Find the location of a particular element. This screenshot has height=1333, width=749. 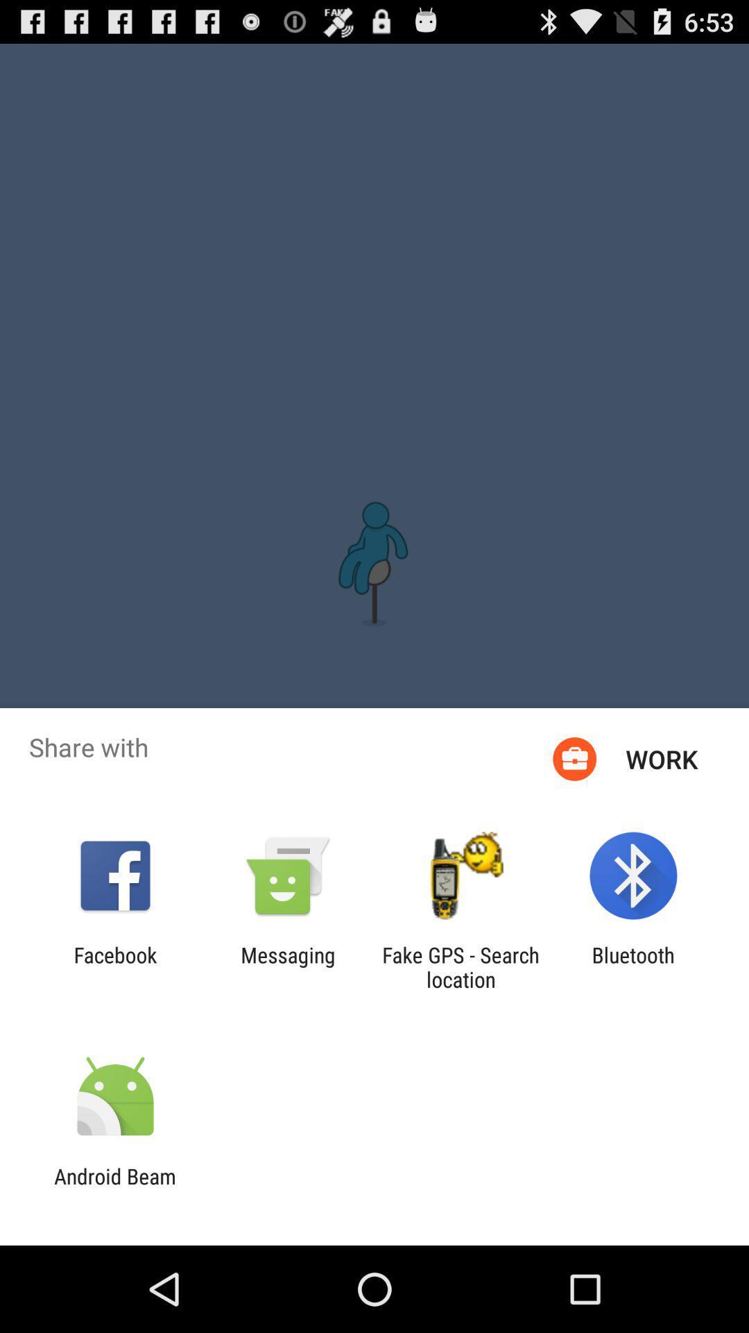

the facebook item is located at coordinates (114, 966).